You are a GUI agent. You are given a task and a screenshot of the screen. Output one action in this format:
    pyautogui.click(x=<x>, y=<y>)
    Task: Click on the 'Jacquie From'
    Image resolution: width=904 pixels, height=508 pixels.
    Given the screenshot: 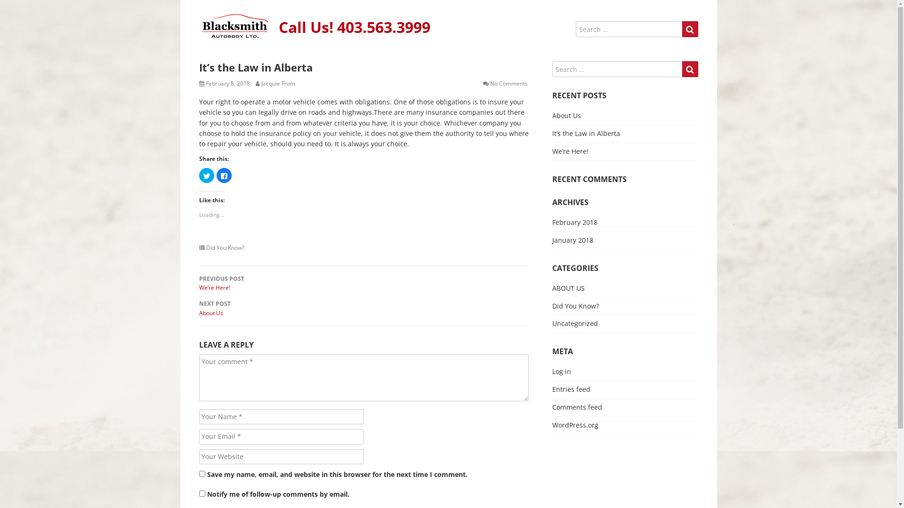 What is the action you would take?
    pyautogui.click(x=260, y=83)
    